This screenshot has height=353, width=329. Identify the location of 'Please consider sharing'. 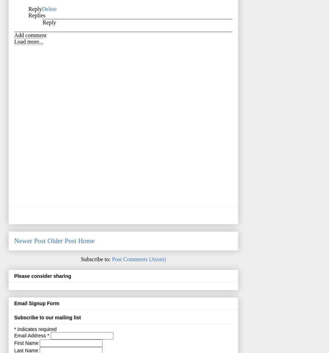
(13, 275).